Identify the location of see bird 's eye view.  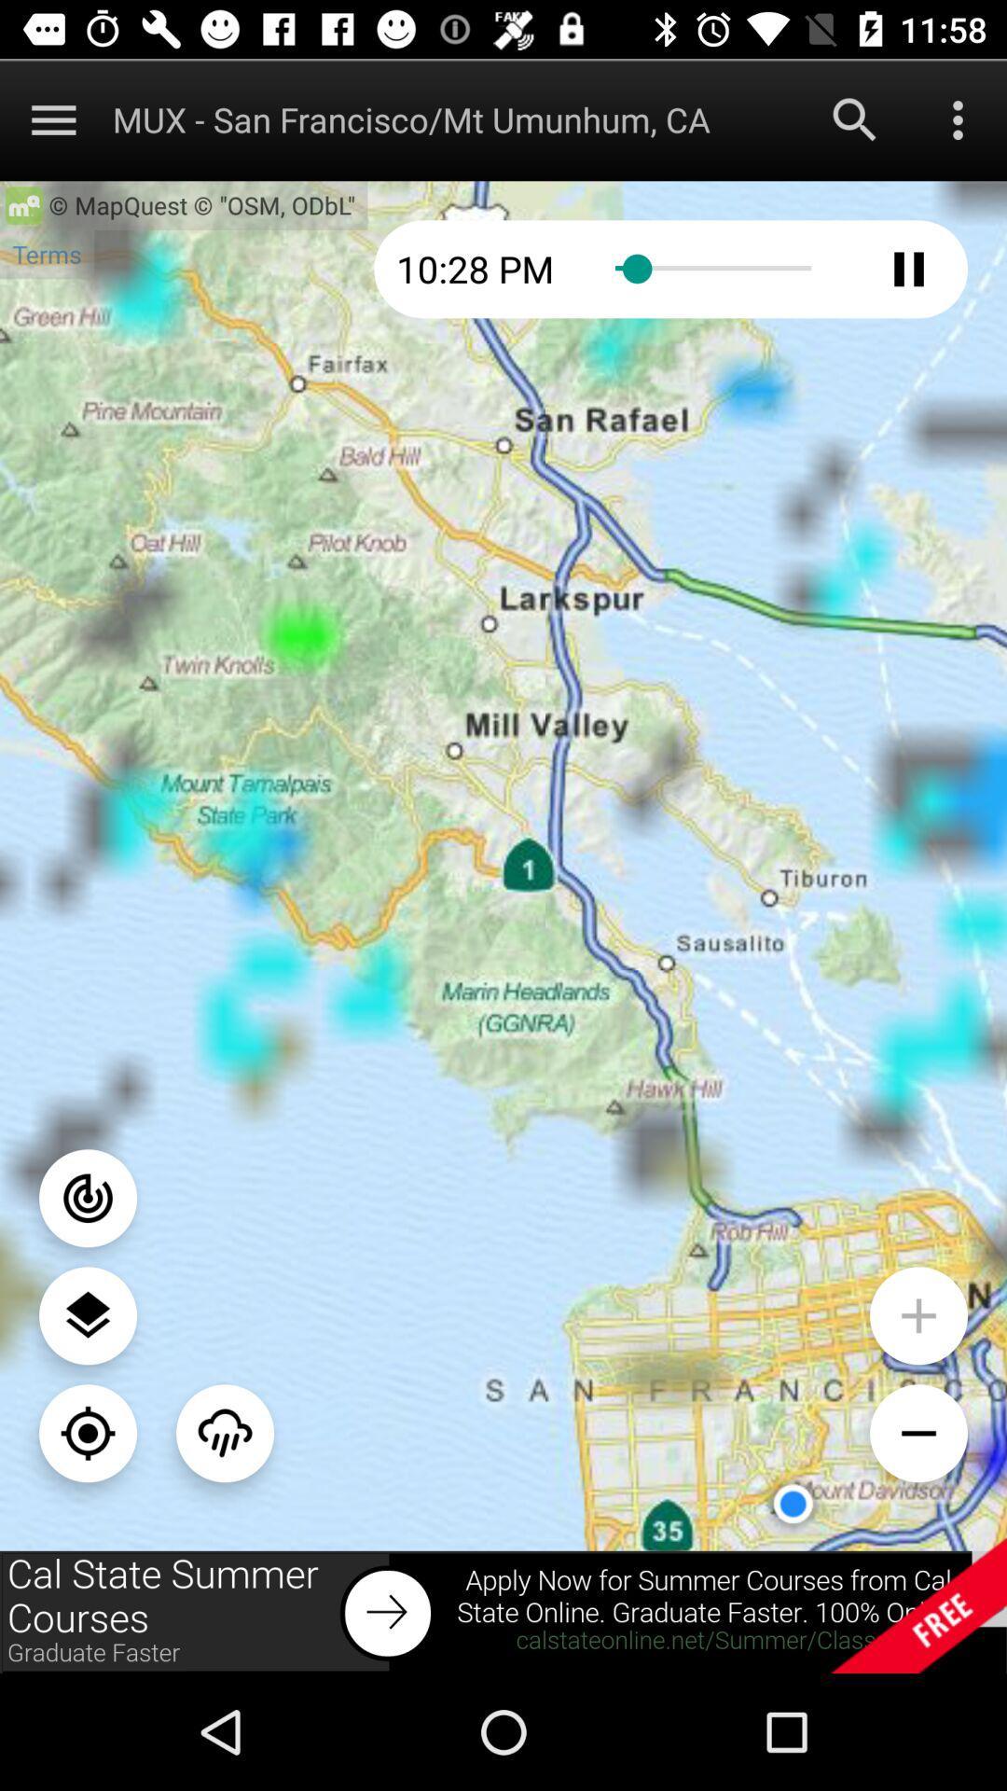
(88, 1314).